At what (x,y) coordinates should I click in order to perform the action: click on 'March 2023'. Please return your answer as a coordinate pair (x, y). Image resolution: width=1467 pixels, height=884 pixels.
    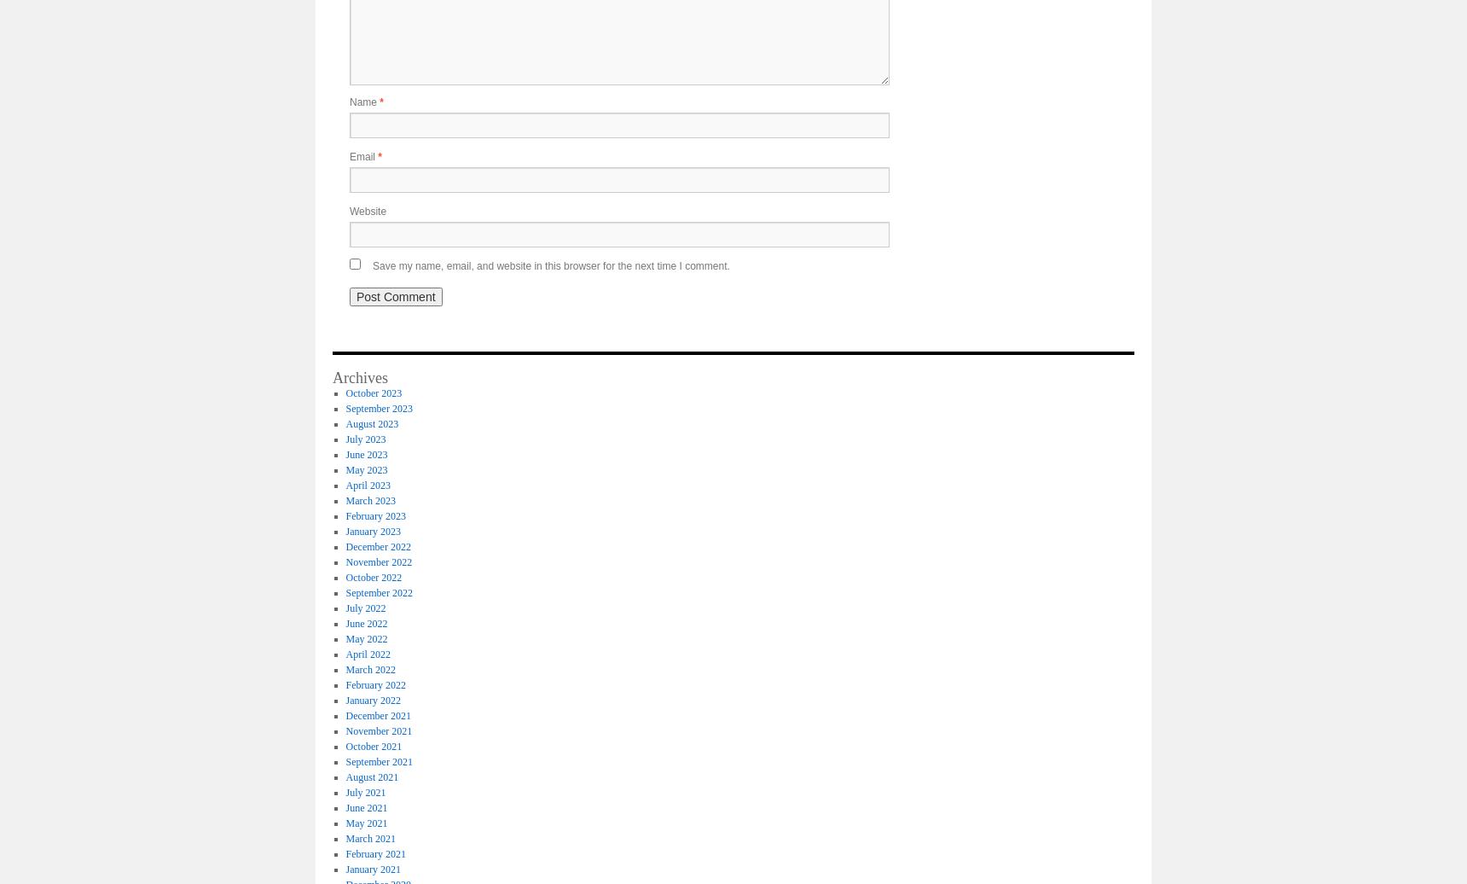
    Looking at the image, I should click on (368, 499).